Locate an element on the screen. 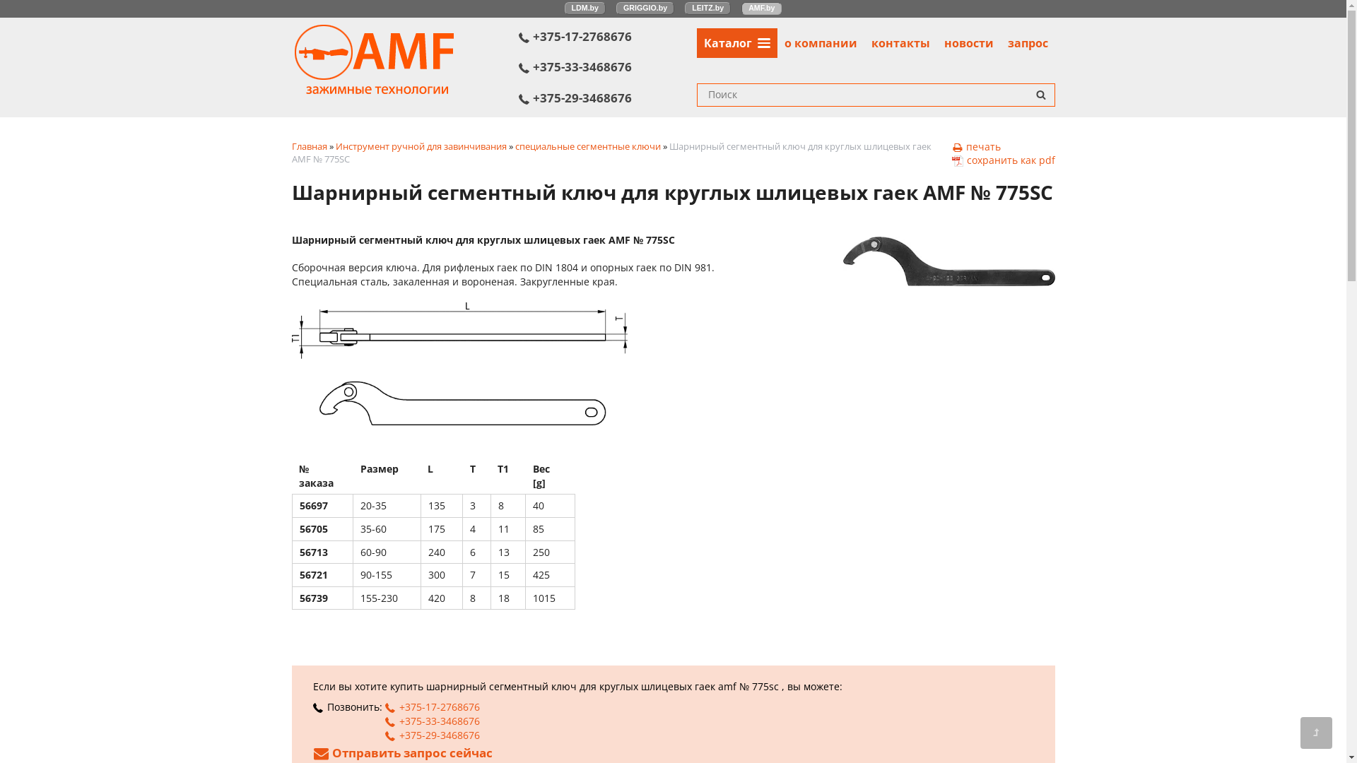  '+375-33-3468676' is located at coordinates (607, 67).